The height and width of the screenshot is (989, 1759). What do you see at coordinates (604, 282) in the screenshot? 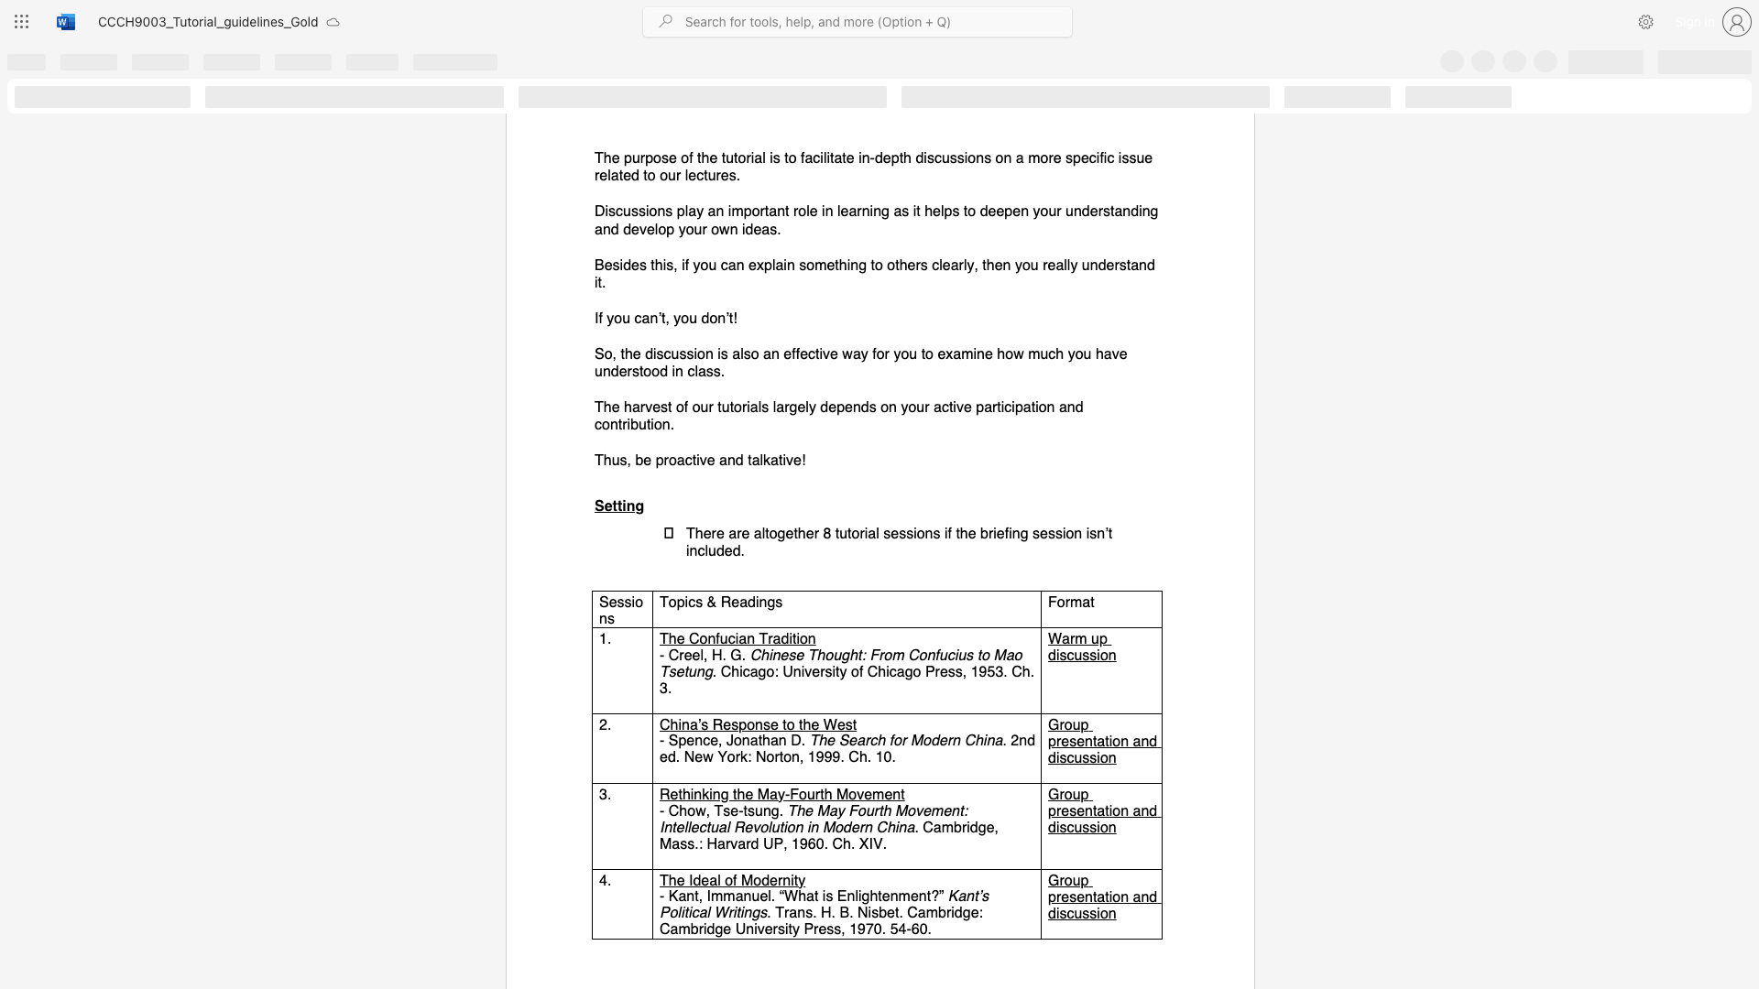
I see `the 1th character "." in the text` at bounding box center [604, 282].